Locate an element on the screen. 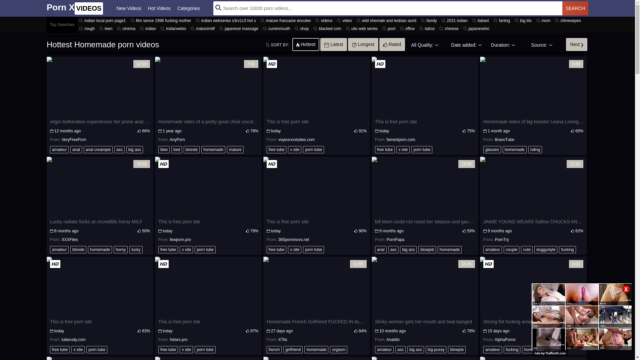 The width and height of the screenshot is (640, 360). 'Porn X VIDEOS' is located at coordinates (75, 8).